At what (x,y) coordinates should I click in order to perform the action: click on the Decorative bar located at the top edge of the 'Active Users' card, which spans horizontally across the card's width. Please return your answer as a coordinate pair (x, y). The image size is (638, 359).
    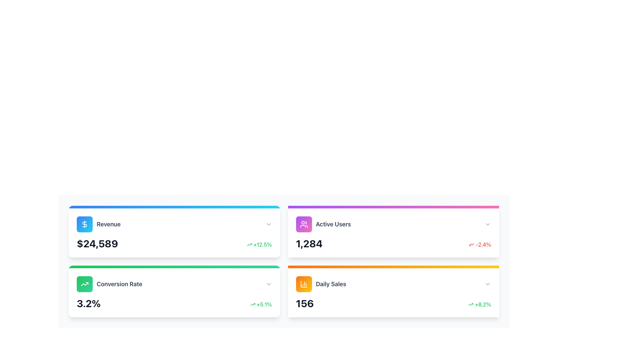
    Looking at the image, I should click on (393, 207).